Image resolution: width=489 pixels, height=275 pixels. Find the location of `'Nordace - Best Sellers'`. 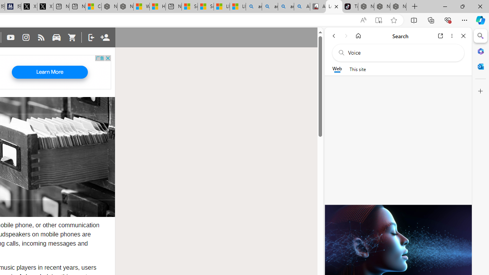

'Nordace - Best Sellers' is located at coordinates (366, 6).